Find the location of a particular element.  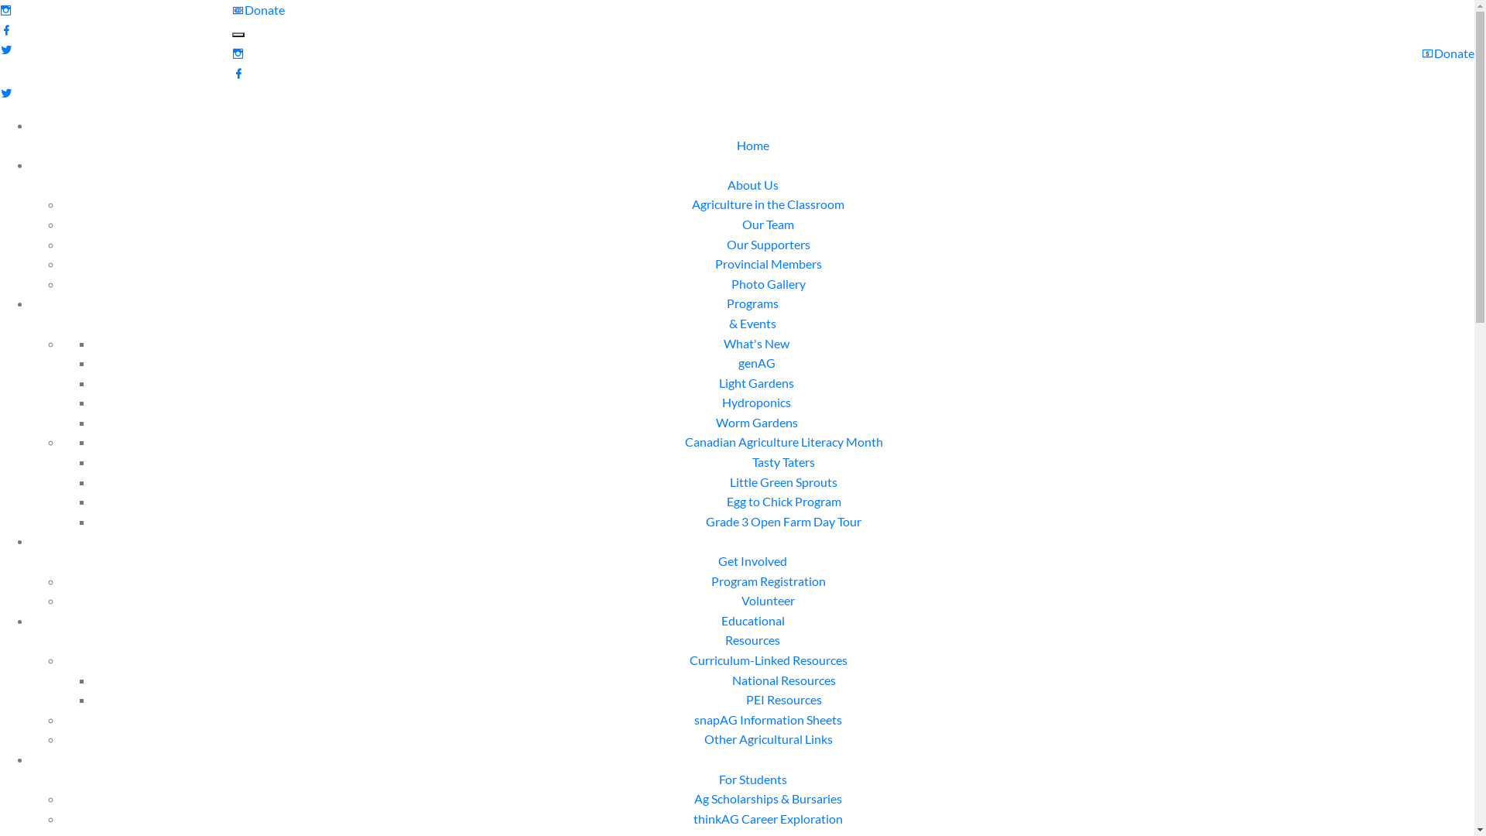

'Agriculture in the Classroom' is located at coordinates (768, 203).